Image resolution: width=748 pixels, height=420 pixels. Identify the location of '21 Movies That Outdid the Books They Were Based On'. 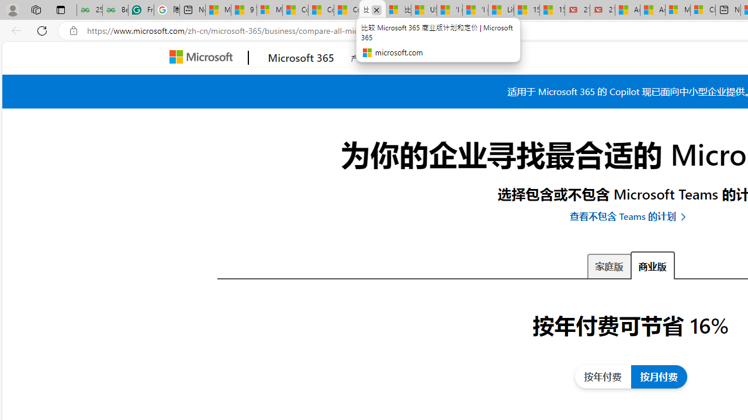
(602, 10).